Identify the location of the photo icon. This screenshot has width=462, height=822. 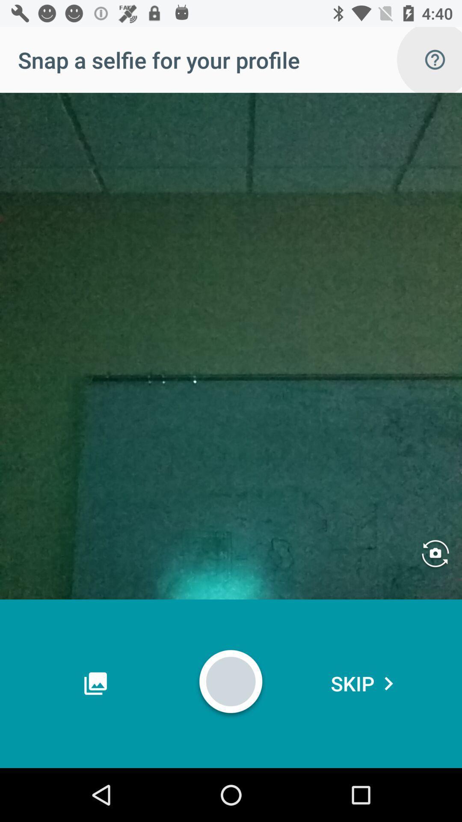
(435, 554).